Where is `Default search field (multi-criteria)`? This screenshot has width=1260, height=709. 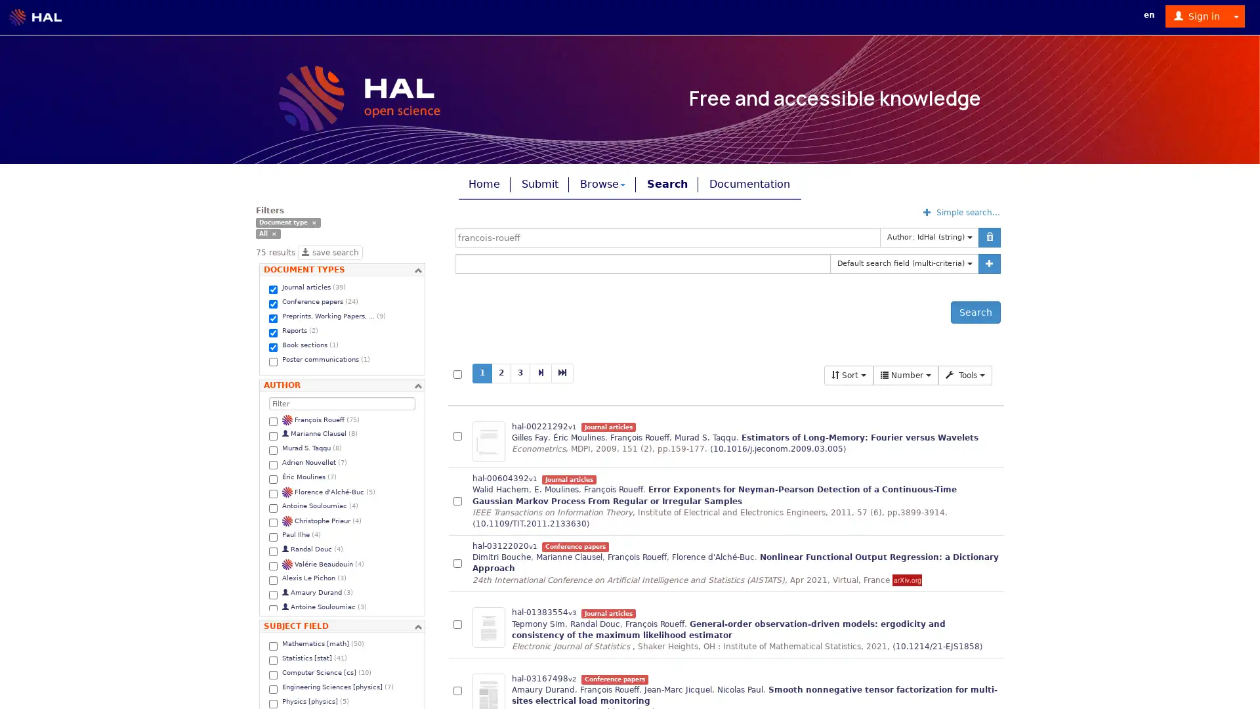
Default search field (multi-criteria) is located at coordinates (904, 263).